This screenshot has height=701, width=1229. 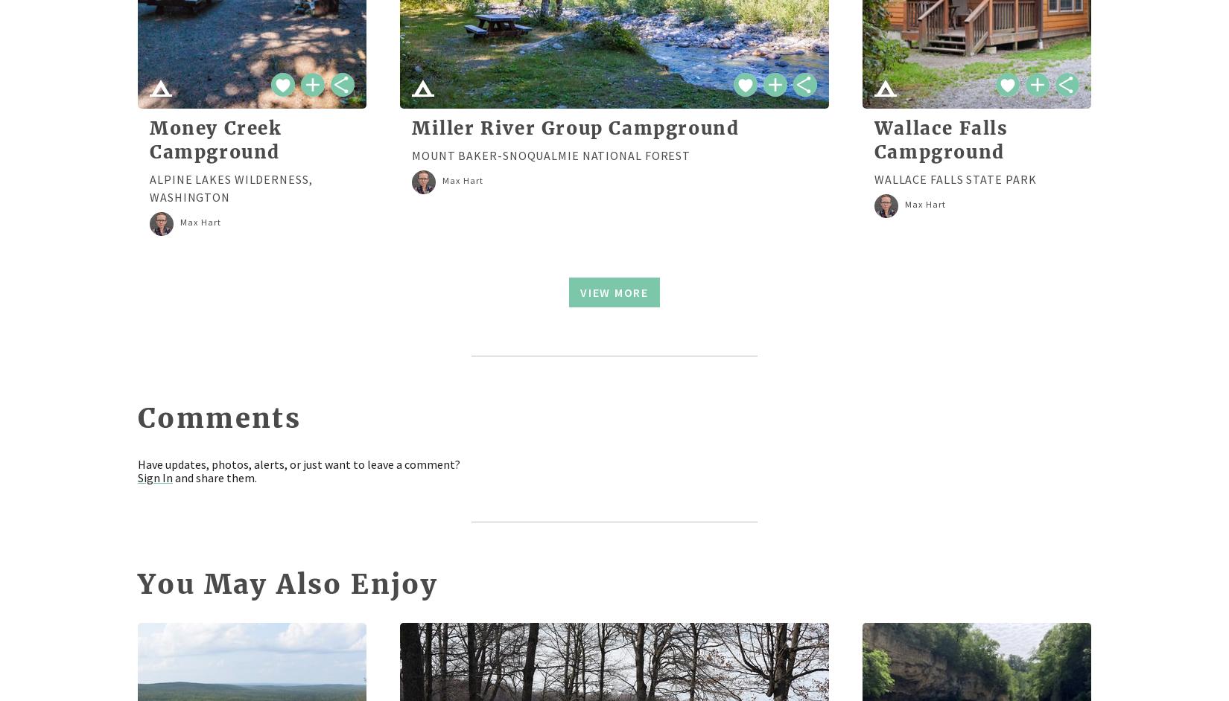 I want to click on 'Wallace Falls State Park', so click(x=954, y=178).